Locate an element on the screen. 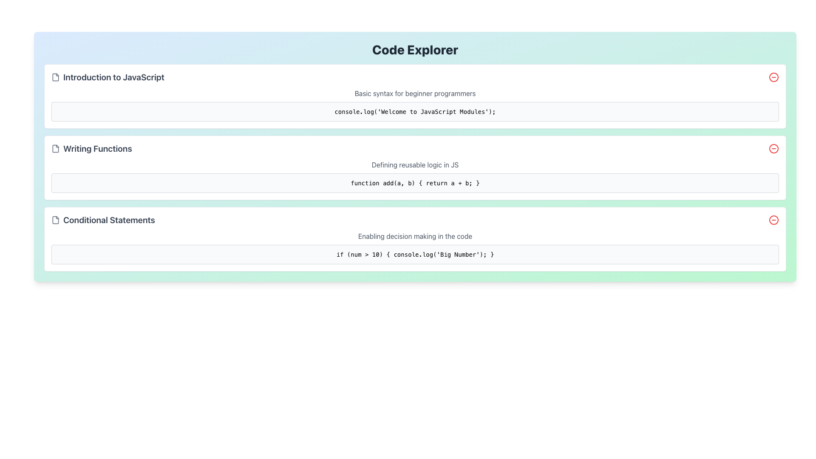 The height and width of the screenshot is (459, 816). the small circular red-bordered icon with a minus symbol is located at coordinates (773, 219).